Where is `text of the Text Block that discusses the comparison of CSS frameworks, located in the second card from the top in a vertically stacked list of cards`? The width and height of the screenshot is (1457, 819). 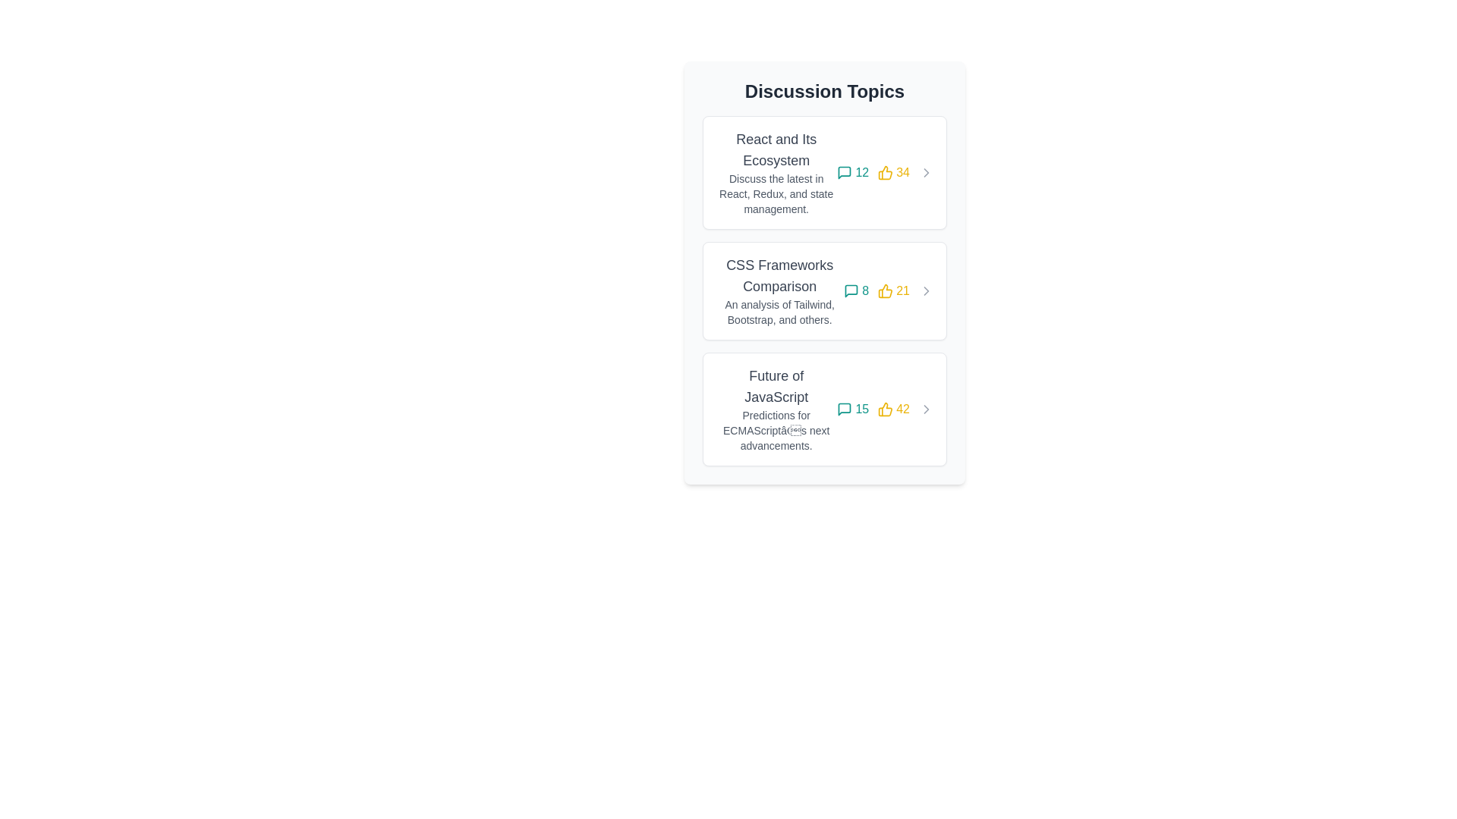
text of the Text Block that discusses the comparison of CSS frameworks, located in the second card from the top in a vertically stacked list of cards is located at coordinates (779, 291).